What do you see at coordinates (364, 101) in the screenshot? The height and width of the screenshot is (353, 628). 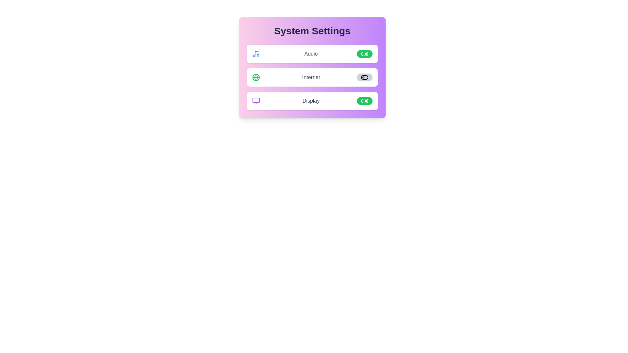 I see `the Toggle Switch Background, which visually represents the active state of the toggle switch with a green background, indicating that the option is toggled 'on'. This element is located in the lower-most toggle switch row within the menu` at bounding box center [364, 101].